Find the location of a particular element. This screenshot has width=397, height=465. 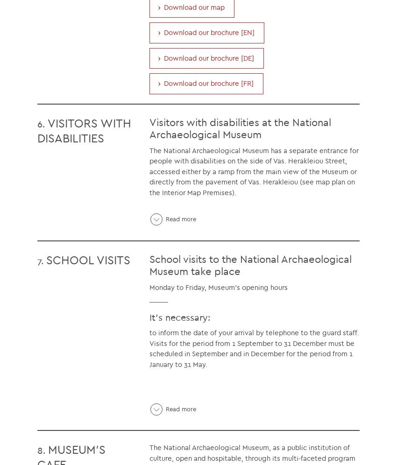

'7.' is located at coordinates (41, 260).